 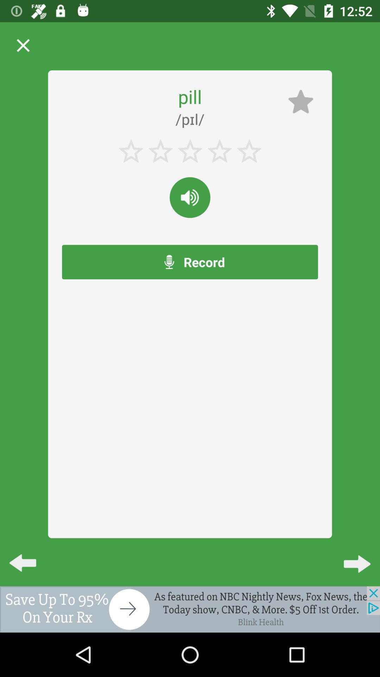 What do you see at coordinates (190, 197) in the screenshot?
I see `starts recording` at bounding box center [190, 197].